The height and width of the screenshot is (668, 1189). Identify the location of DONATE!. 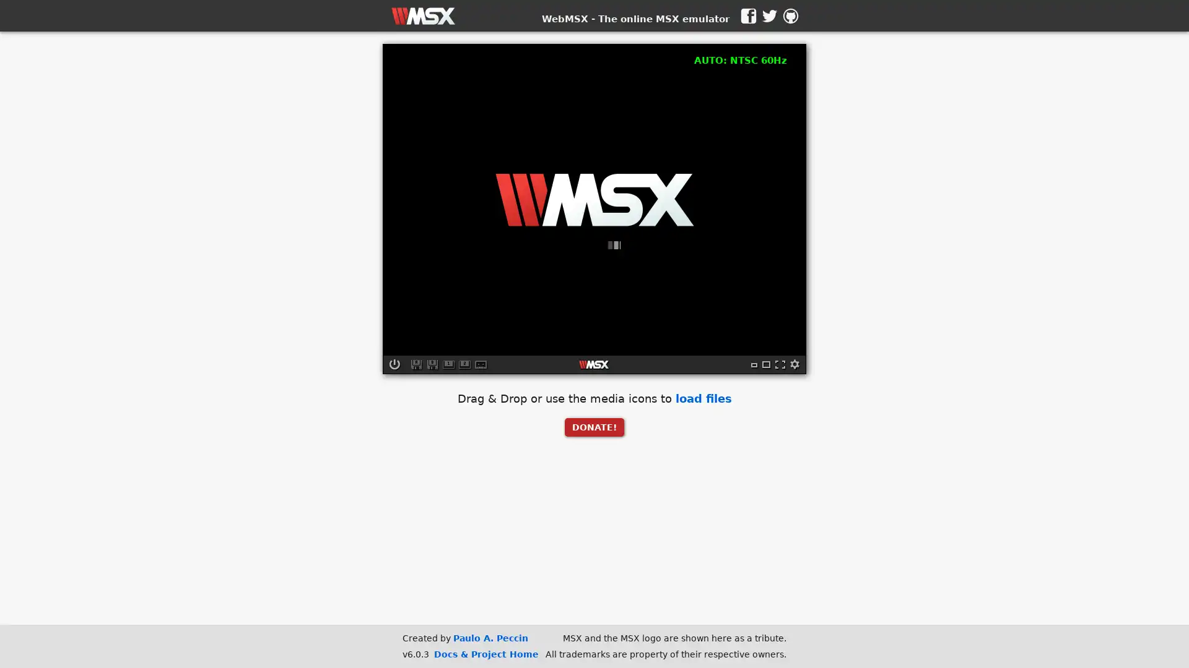
(594, 426).